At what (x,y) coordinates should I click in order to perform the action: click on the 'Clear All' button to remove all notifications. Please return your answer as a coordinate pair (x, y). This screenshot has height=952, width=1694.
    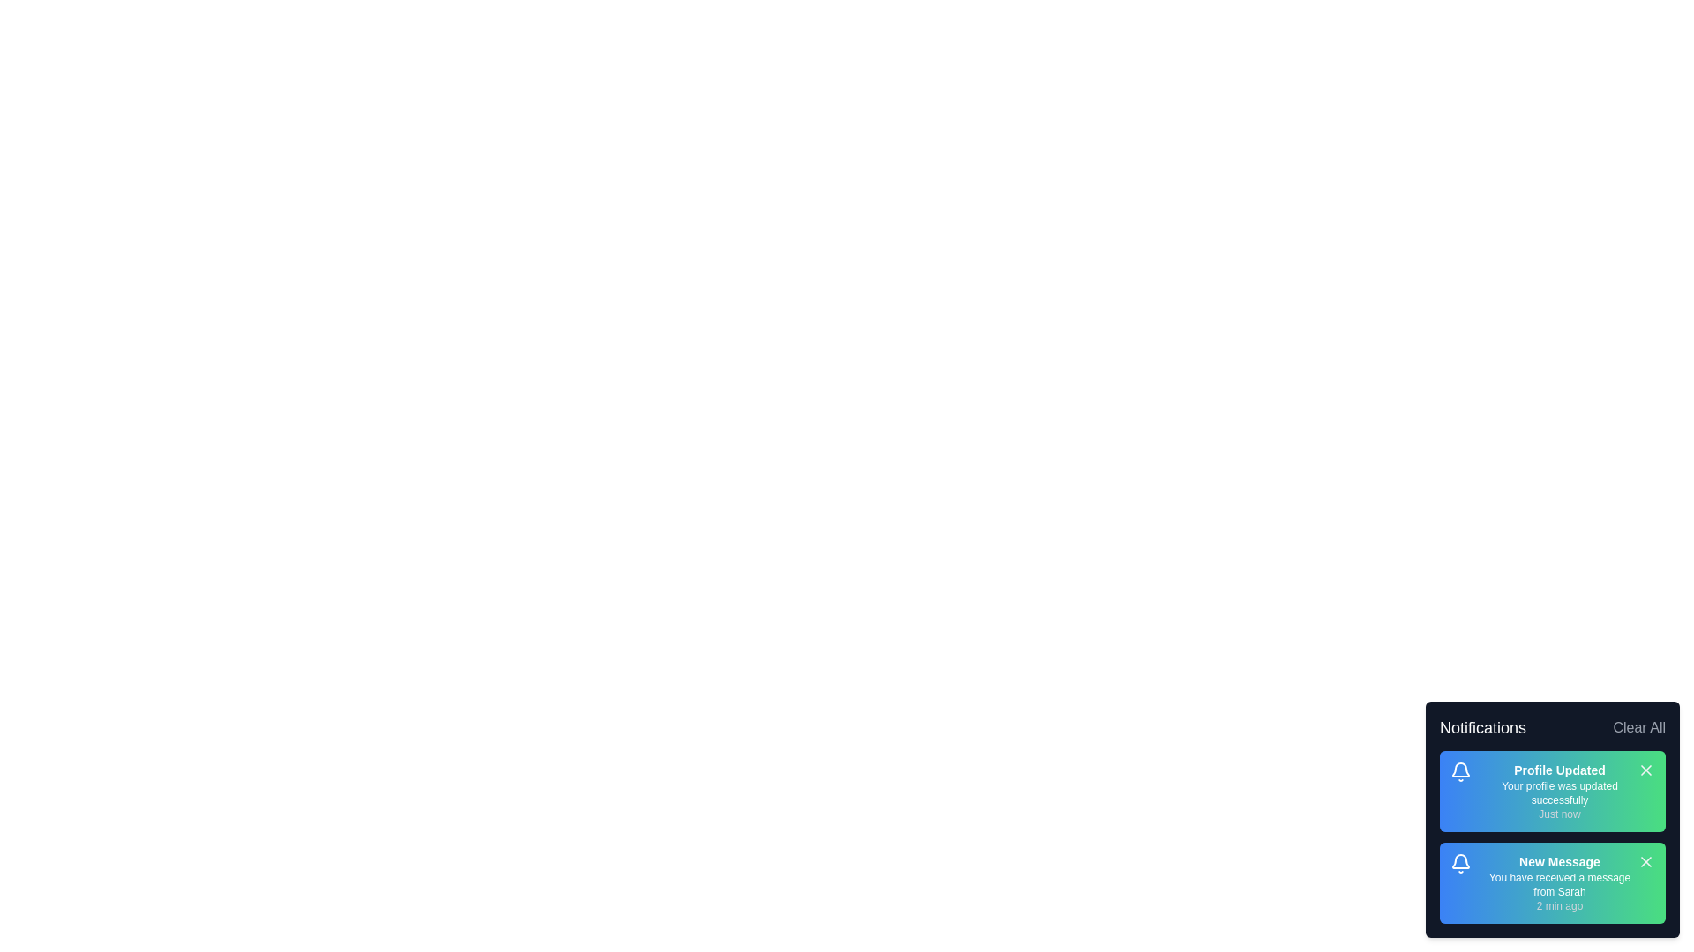
    Looking at the image, I should click on (1638, 727).